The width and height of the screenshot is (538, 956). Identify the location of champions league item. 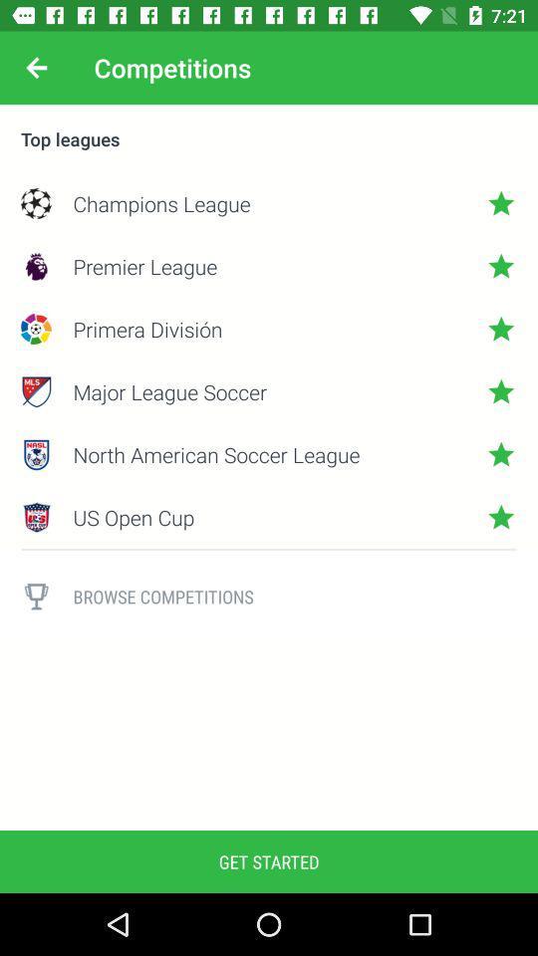
(269, 203).